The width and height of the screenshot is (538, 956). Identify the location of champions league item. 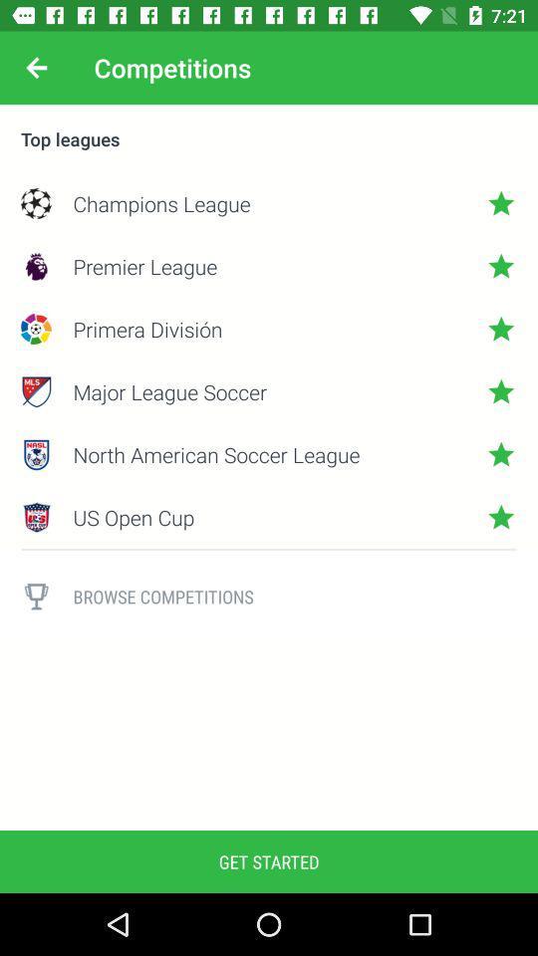
(269, 203).